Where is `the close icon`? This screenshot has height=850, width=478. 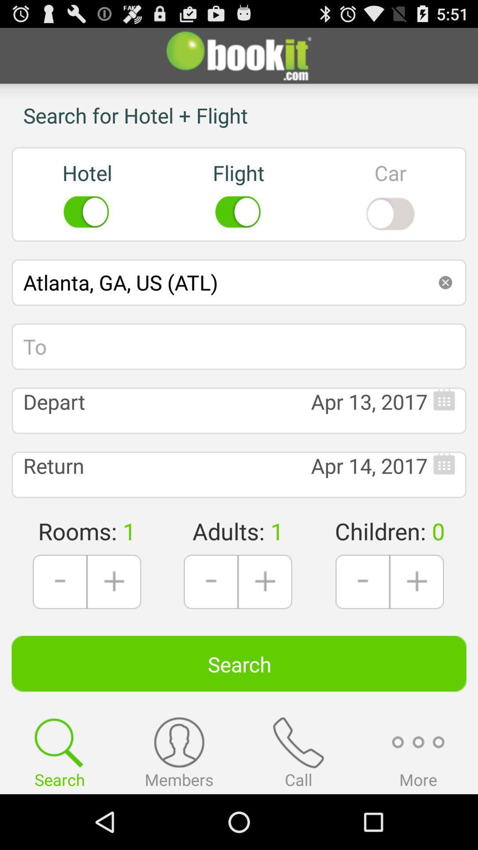 the close icon is located at coordinates (445, 302).